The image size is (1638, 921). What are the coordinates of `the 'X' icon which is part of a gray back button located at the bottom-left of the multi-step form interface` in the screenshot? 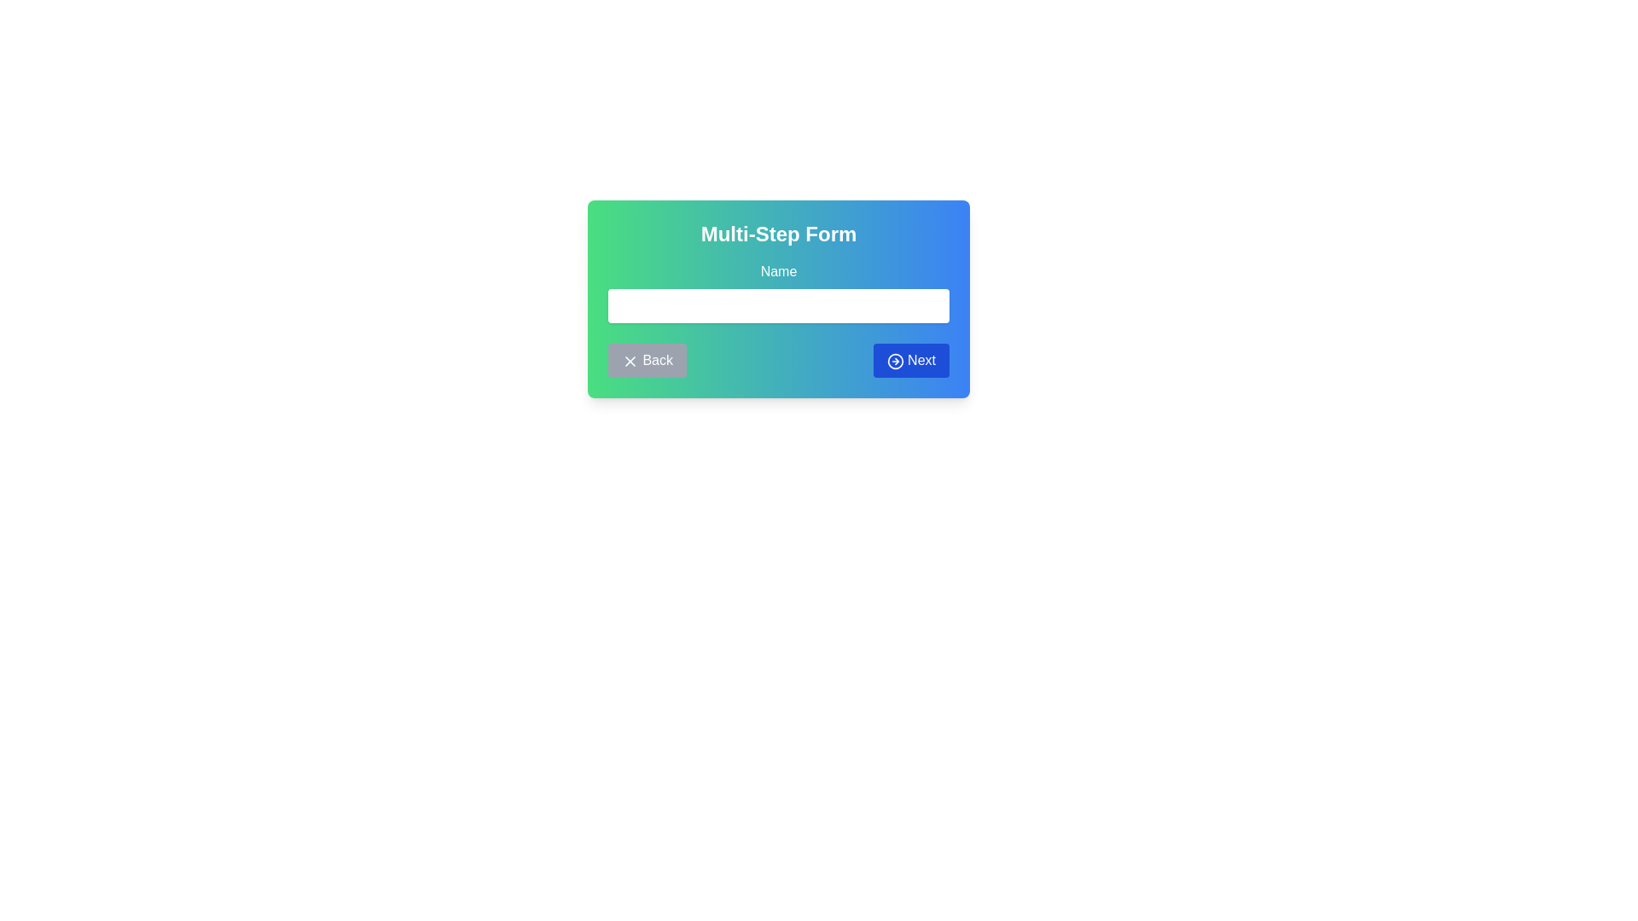 It's located at (630, 360).